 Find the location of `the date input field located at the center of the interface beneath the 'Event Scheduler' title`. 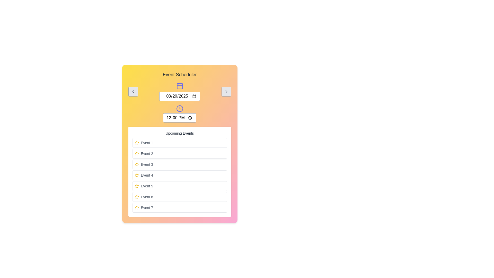

the date input field located at the center of the interface beneath the 'Event Scheduler' title is located at coordinates (180, 91).